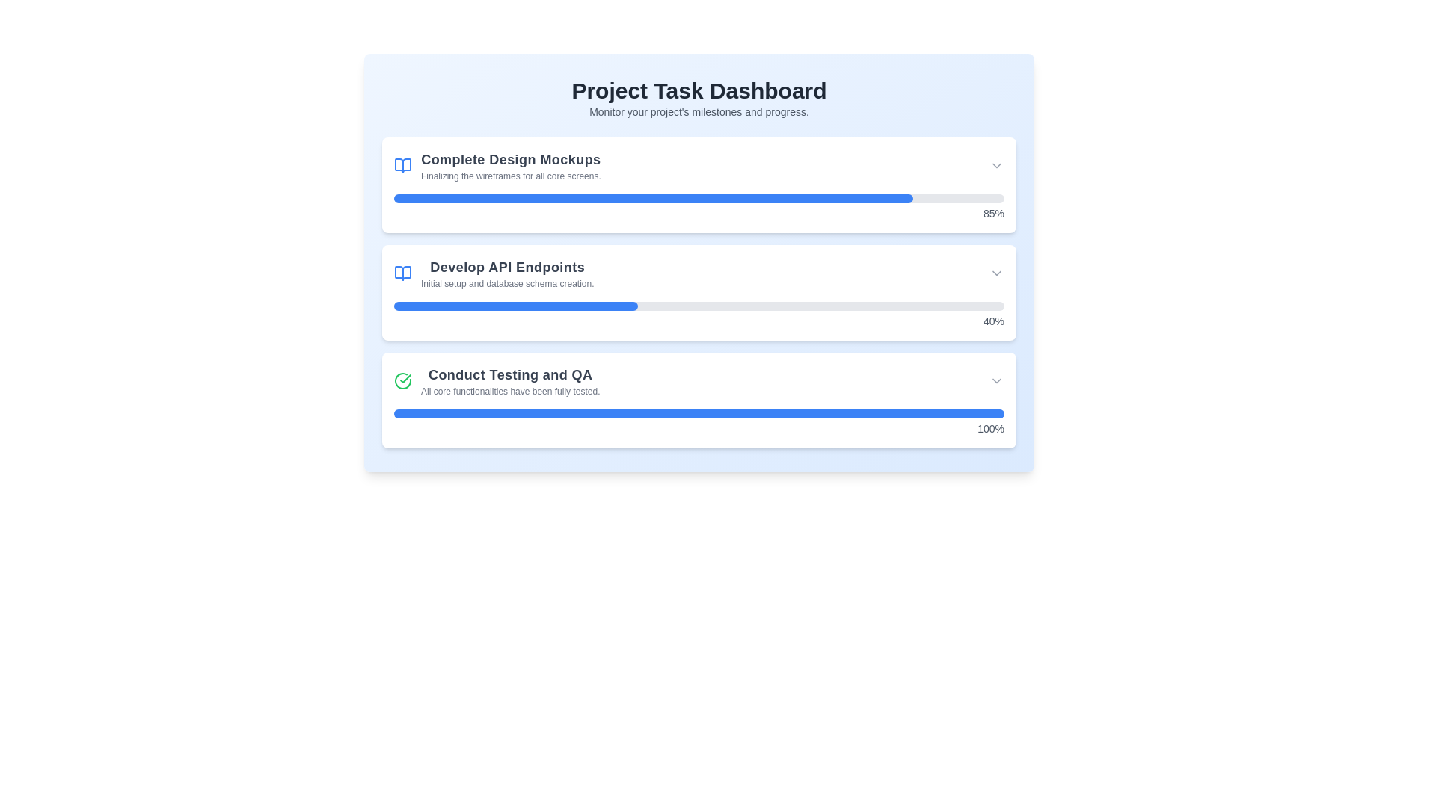  I want to click on progress, so click(638, 305).